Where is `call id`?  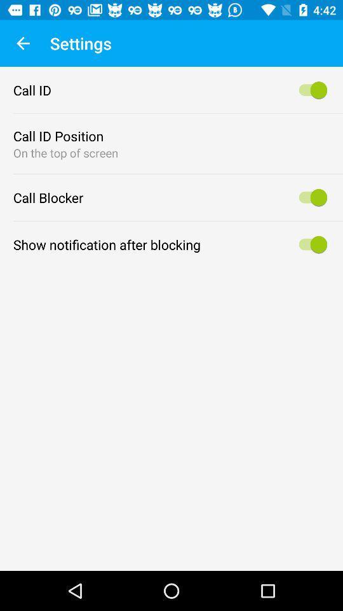
call id is located at coordinates (310, 89).